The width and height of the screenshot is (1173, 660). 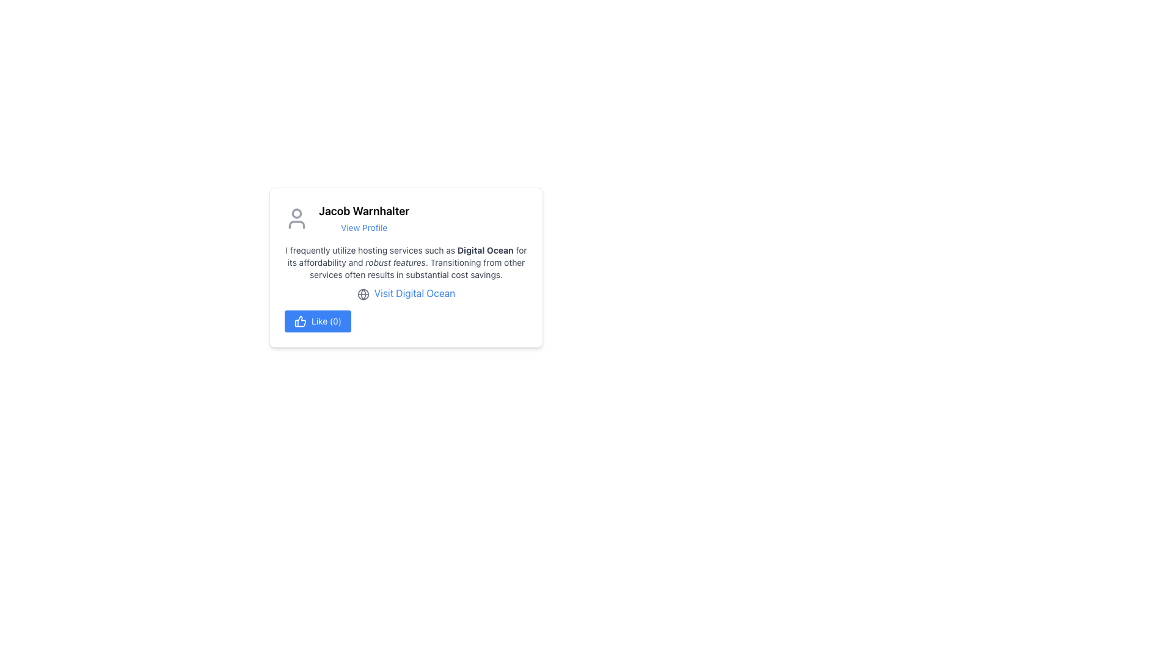 What do you see at coordinates (296, 218) in the screenshot?
I see `the circular user icon outlined in gray, which features a head and shoulders representation and is located next to the name 'Jacob Warnhalter'` at bounding box center [296, 218].